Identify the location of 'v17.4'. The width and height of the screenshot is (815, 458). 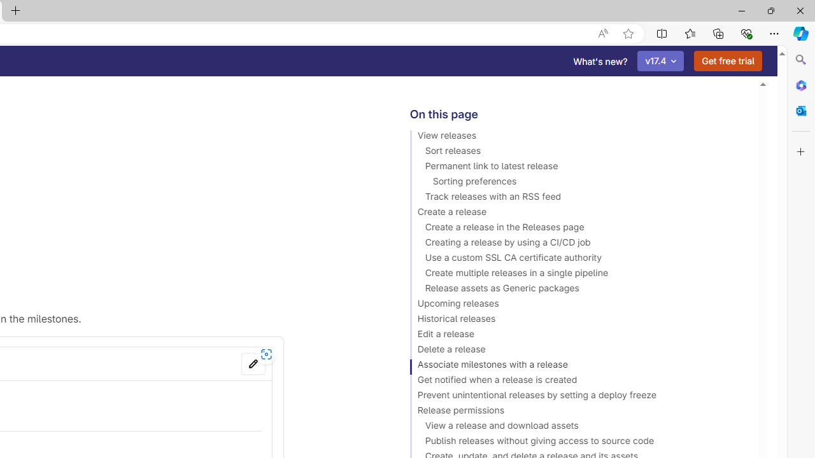
(661, 61).